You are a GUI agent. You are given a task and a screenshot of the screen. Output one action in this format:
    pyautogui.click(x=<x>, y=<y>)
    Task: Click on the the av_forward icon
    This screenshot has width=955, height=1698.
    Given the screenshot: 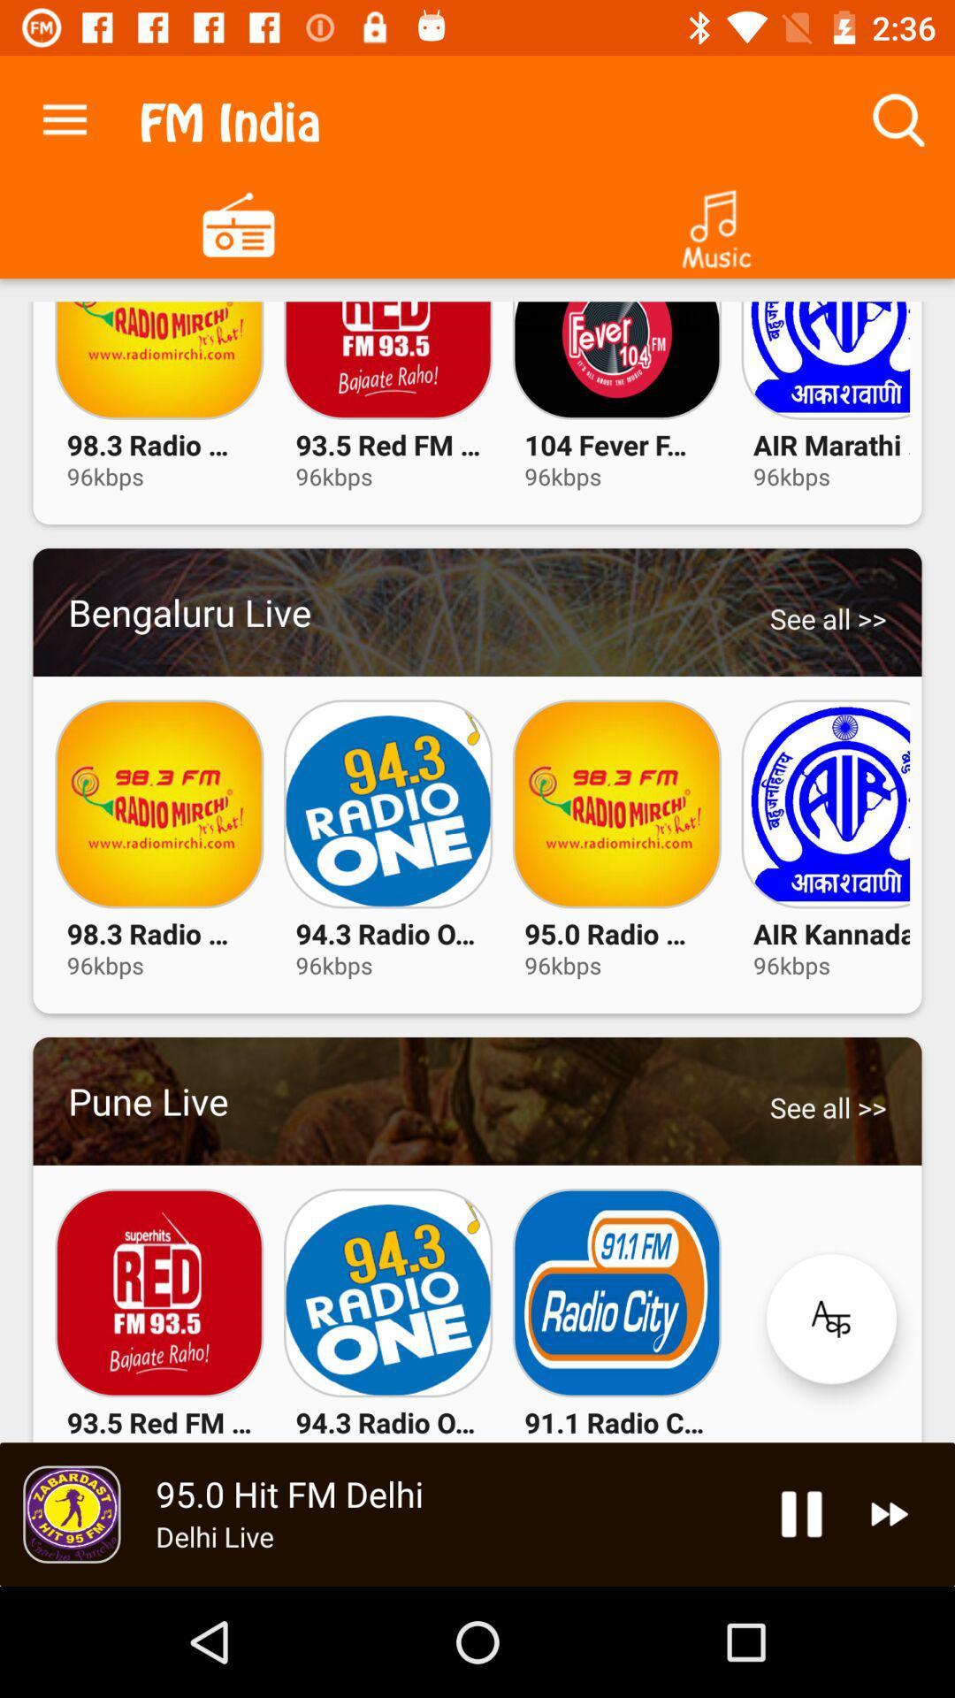 What is the action you would take?
    pyautogui.click(x=890, y=1513)
    